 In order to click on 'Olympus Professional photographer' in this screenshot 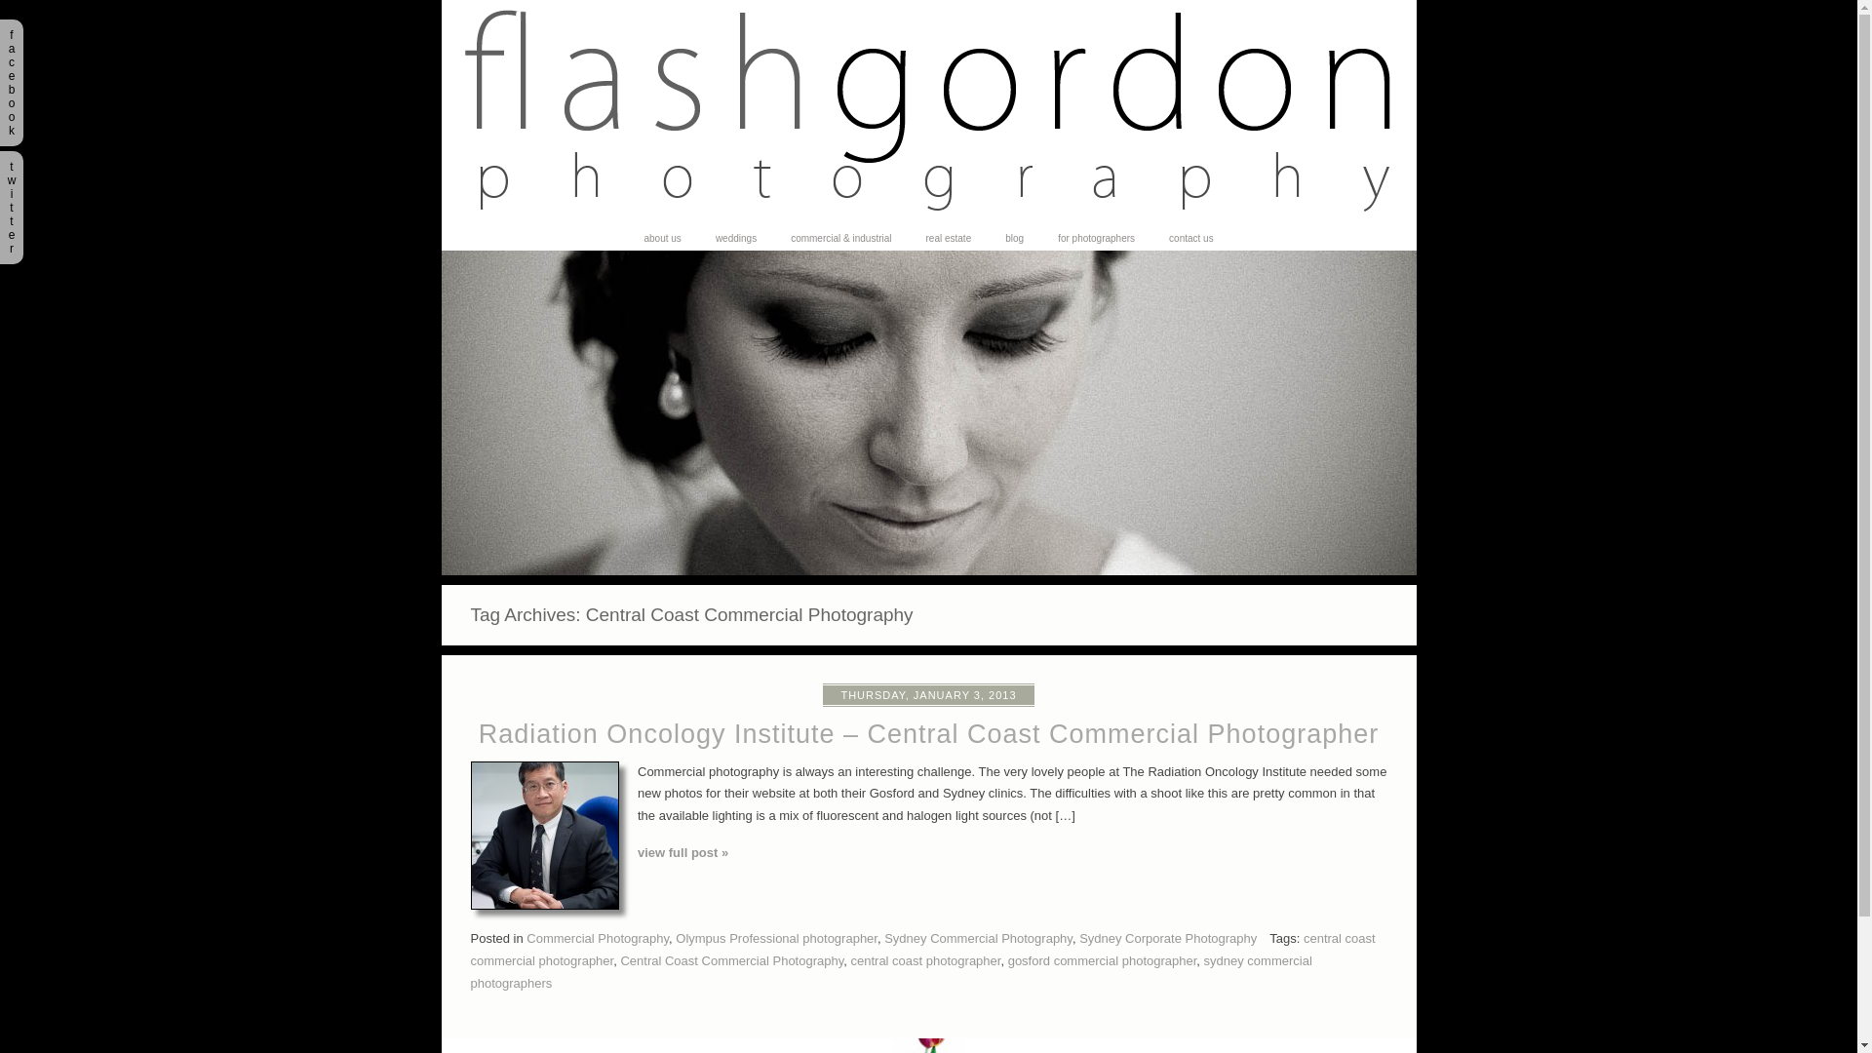, I will do `click(775, 937)`.